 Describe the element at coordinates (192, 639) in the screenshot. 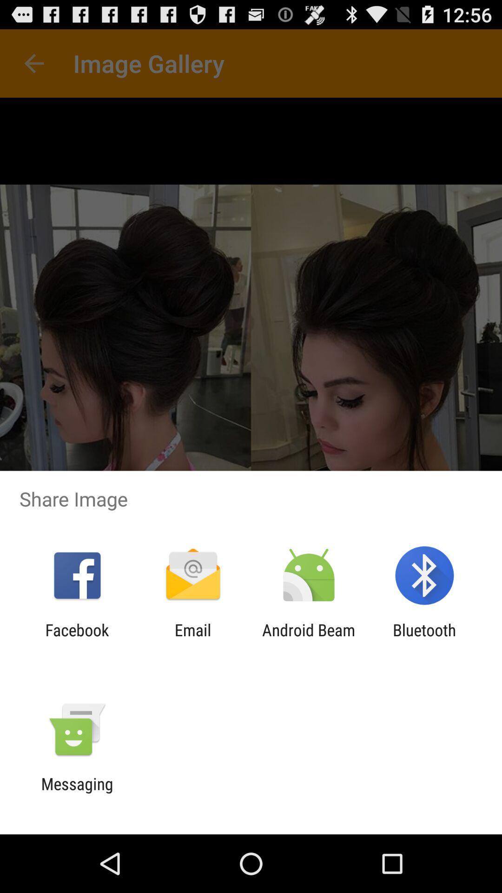

I see `app next to the android beam app` at that location.